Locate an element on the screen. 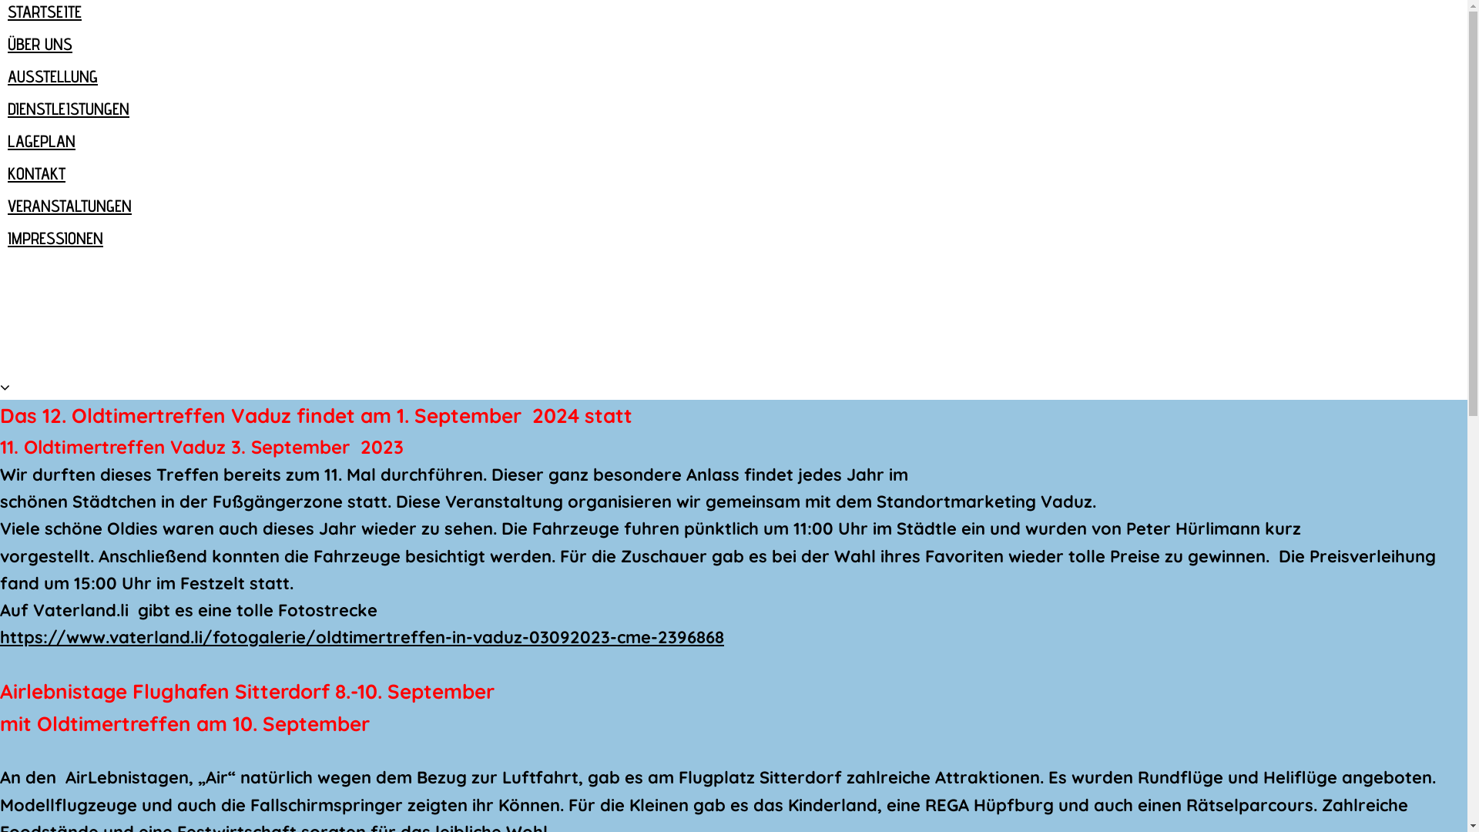 The height and width of the screenshot is (832, 1479). 'LAGEPLAN' is located at coordinates (41, 140).